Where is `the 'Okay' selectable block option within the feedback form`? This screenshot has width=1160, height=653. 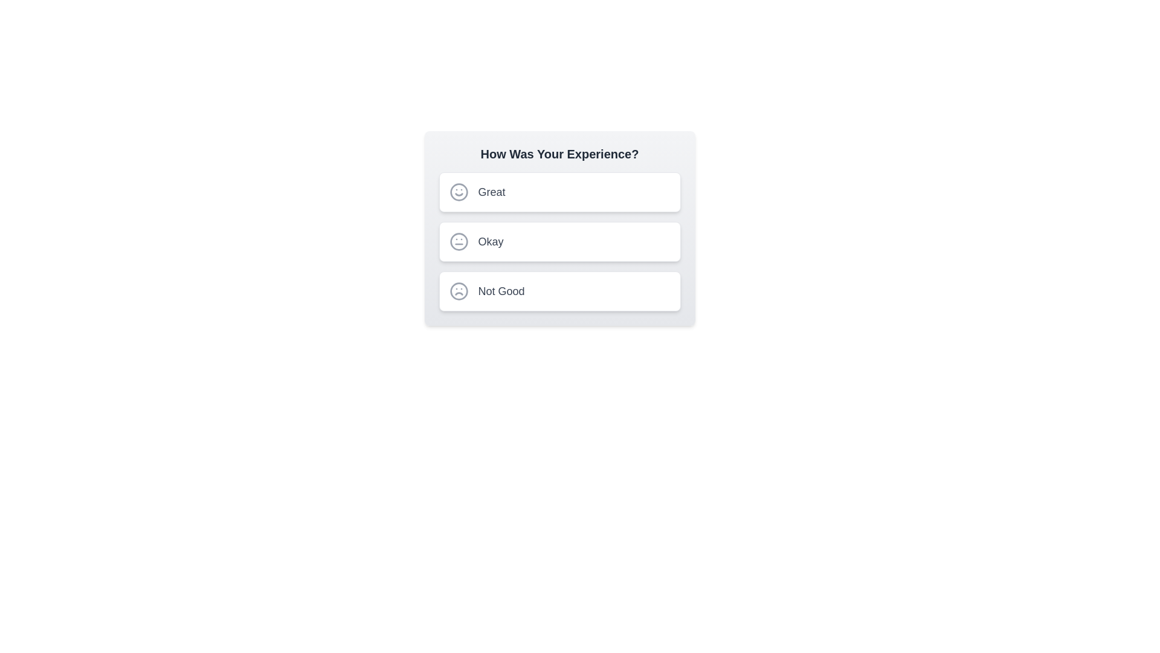 the 'Okay' selectable block option within the feedback form is located at coordinates (559, 242).